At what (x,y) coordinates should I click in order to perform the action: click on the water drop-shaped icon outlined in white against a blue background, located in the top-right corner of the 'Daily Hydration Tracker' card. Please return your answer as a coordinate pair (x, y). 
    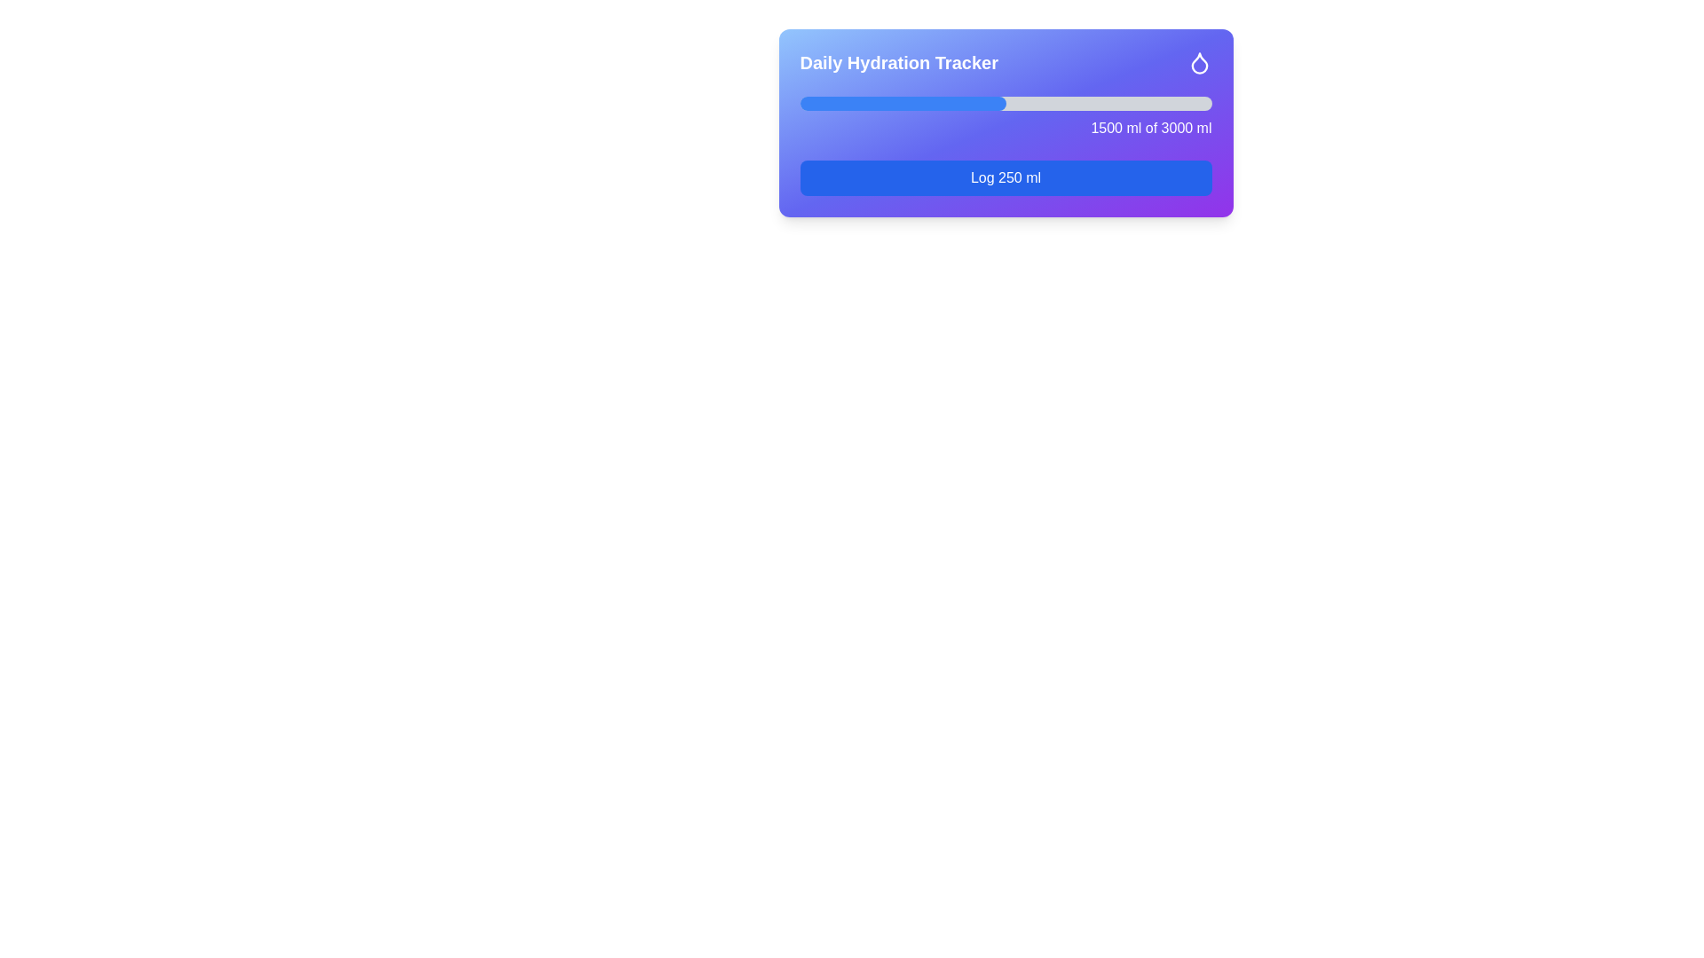
    Looking at the image, I should click on (1199, 61).